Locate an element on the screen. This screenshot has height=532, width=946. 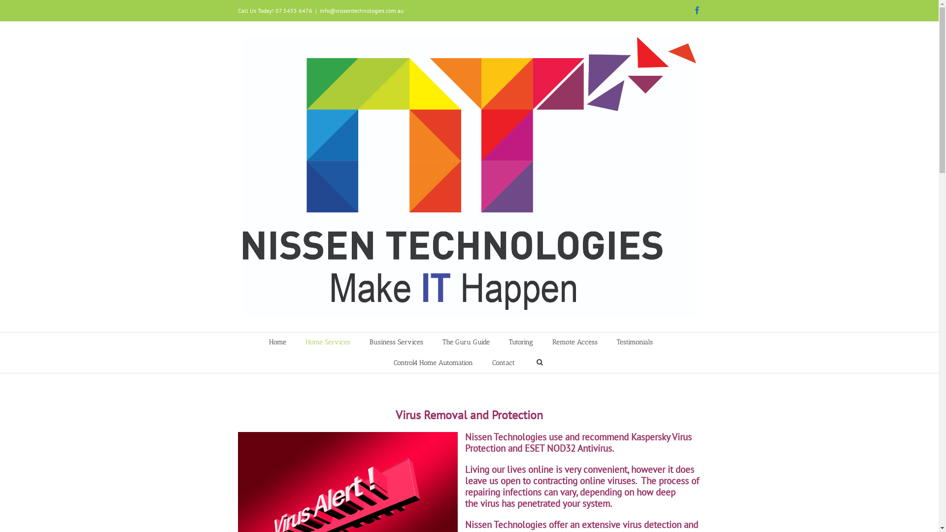
'Testimonials' is located at coordinates (616, 341).